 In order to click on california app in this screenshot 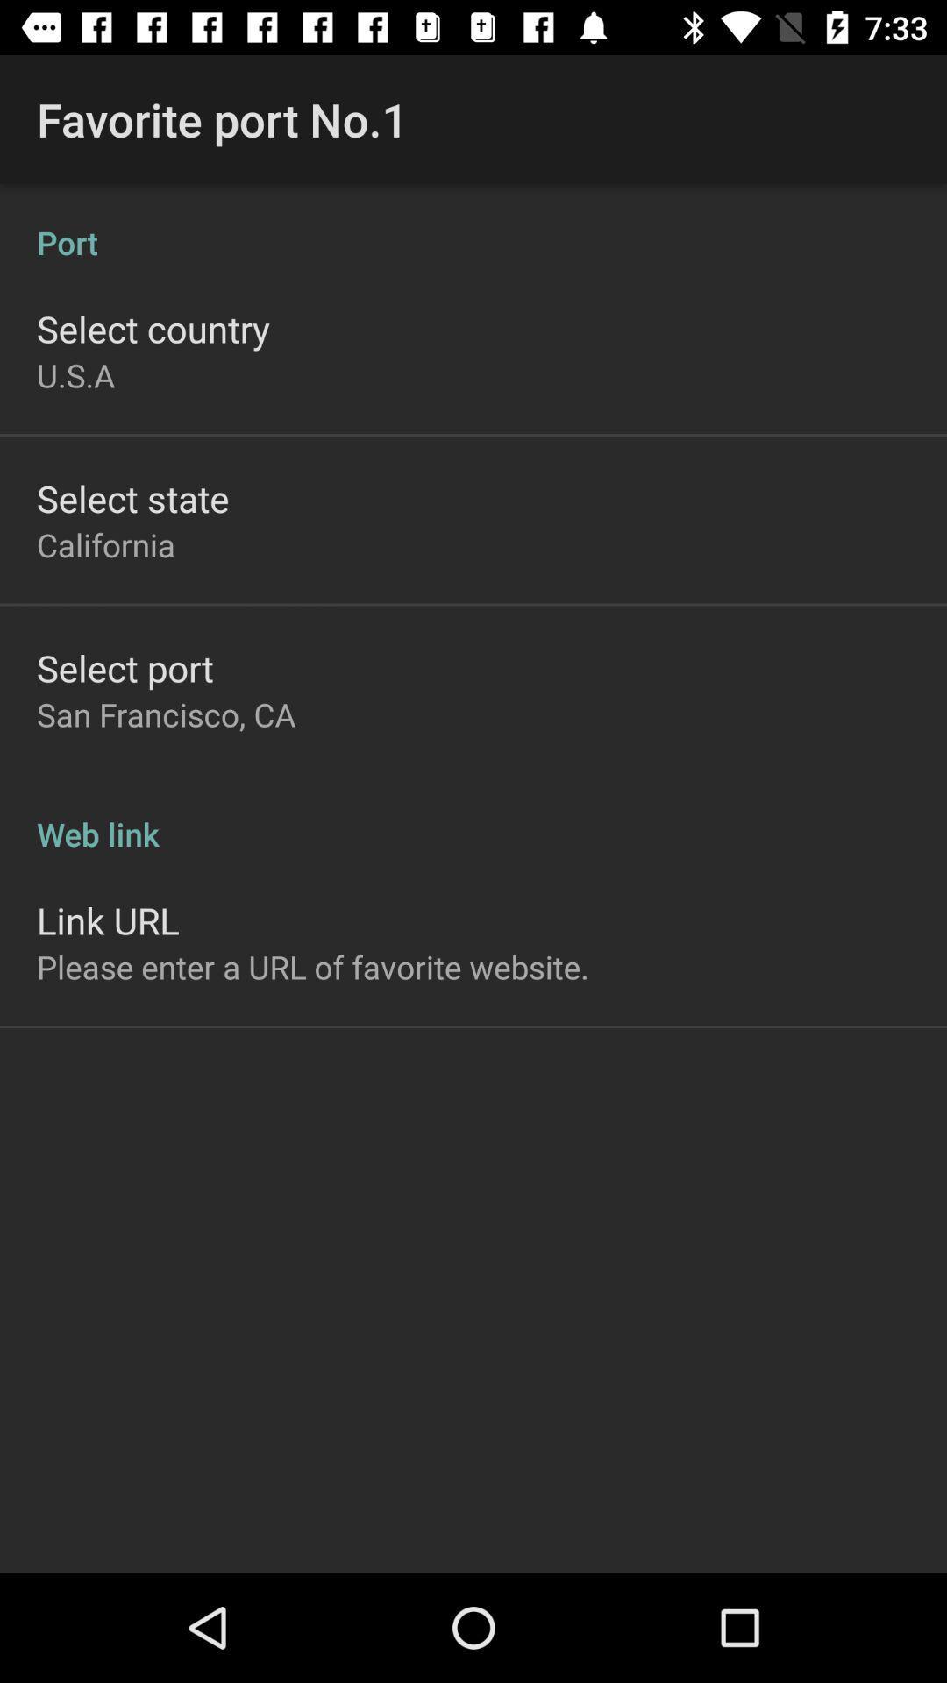, I will do `click(106, 543)`.